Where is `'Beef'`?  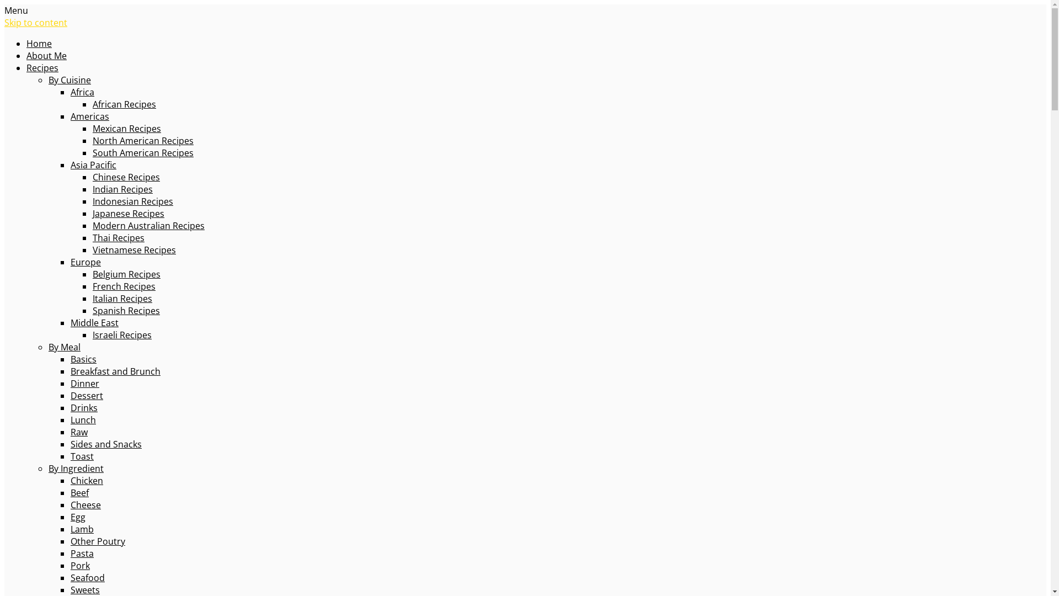 'Beef' is located at coordinates (79, 492).